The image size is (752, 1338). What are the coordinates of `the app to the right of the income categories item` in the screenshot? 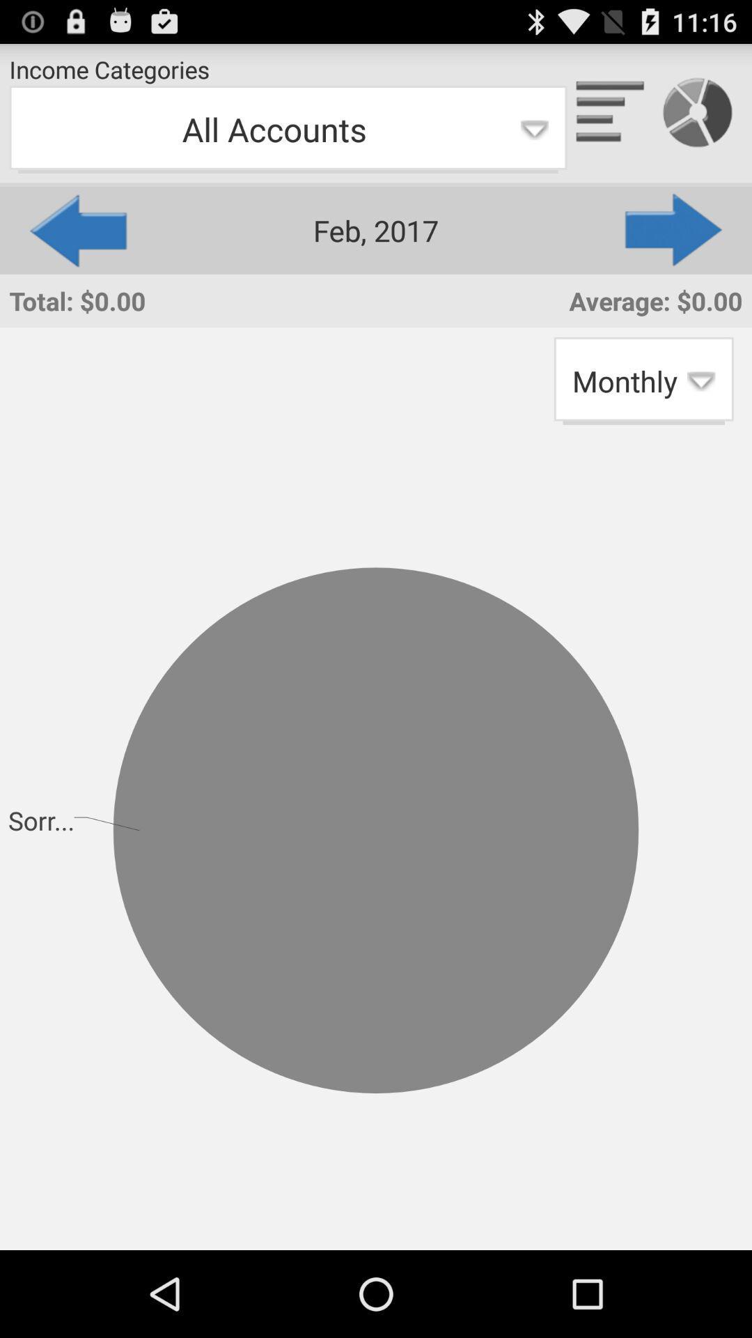 It's located at (610, 113).